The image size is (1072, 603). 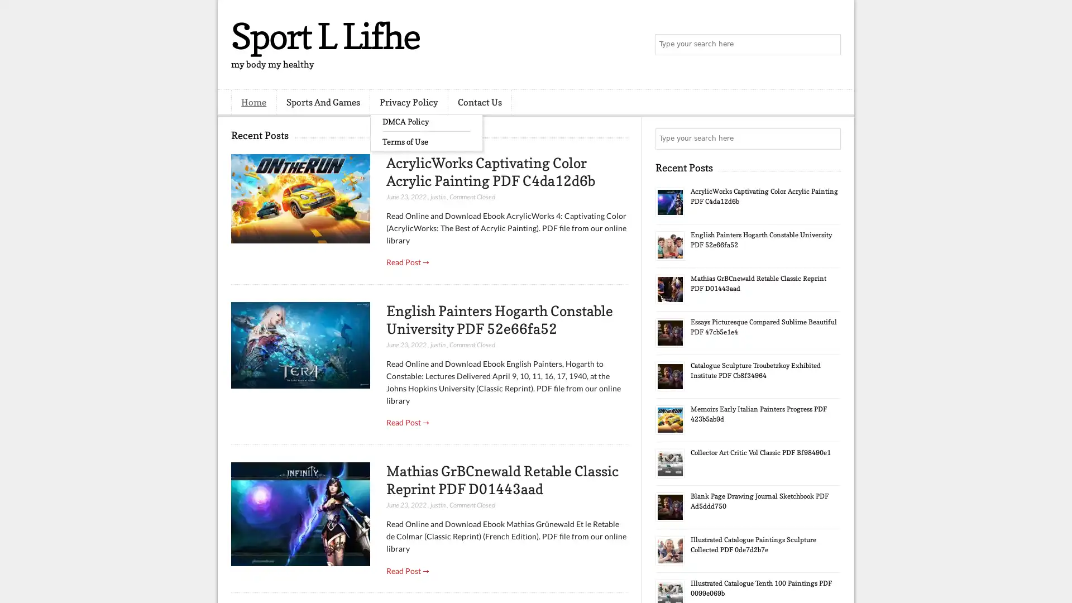 What do you see at coordinates (829, 45) in the screenshot?
I see `Search` at bounding box center [829, 45].